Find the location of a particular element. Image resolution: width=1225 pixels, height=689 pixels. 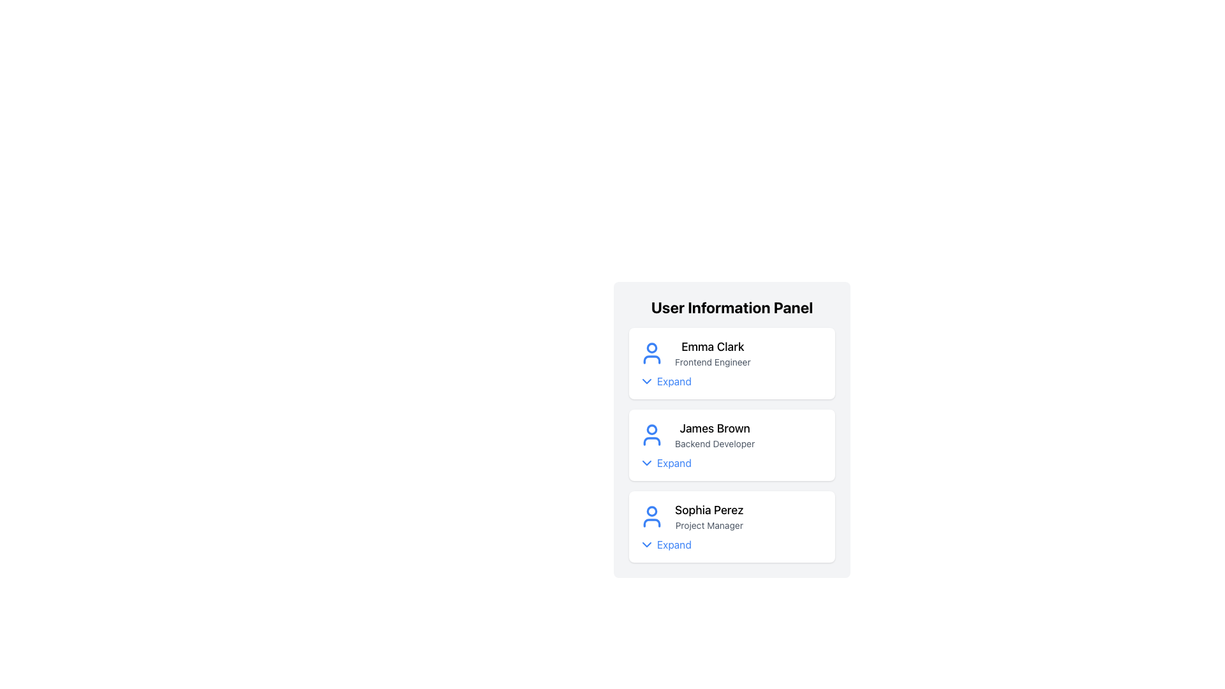

the label displaying 'James Brown', which is the name label for the second user card in the User Information Panel, positioned above the text 'Backend Developer' is located at coordinates (715, 428).